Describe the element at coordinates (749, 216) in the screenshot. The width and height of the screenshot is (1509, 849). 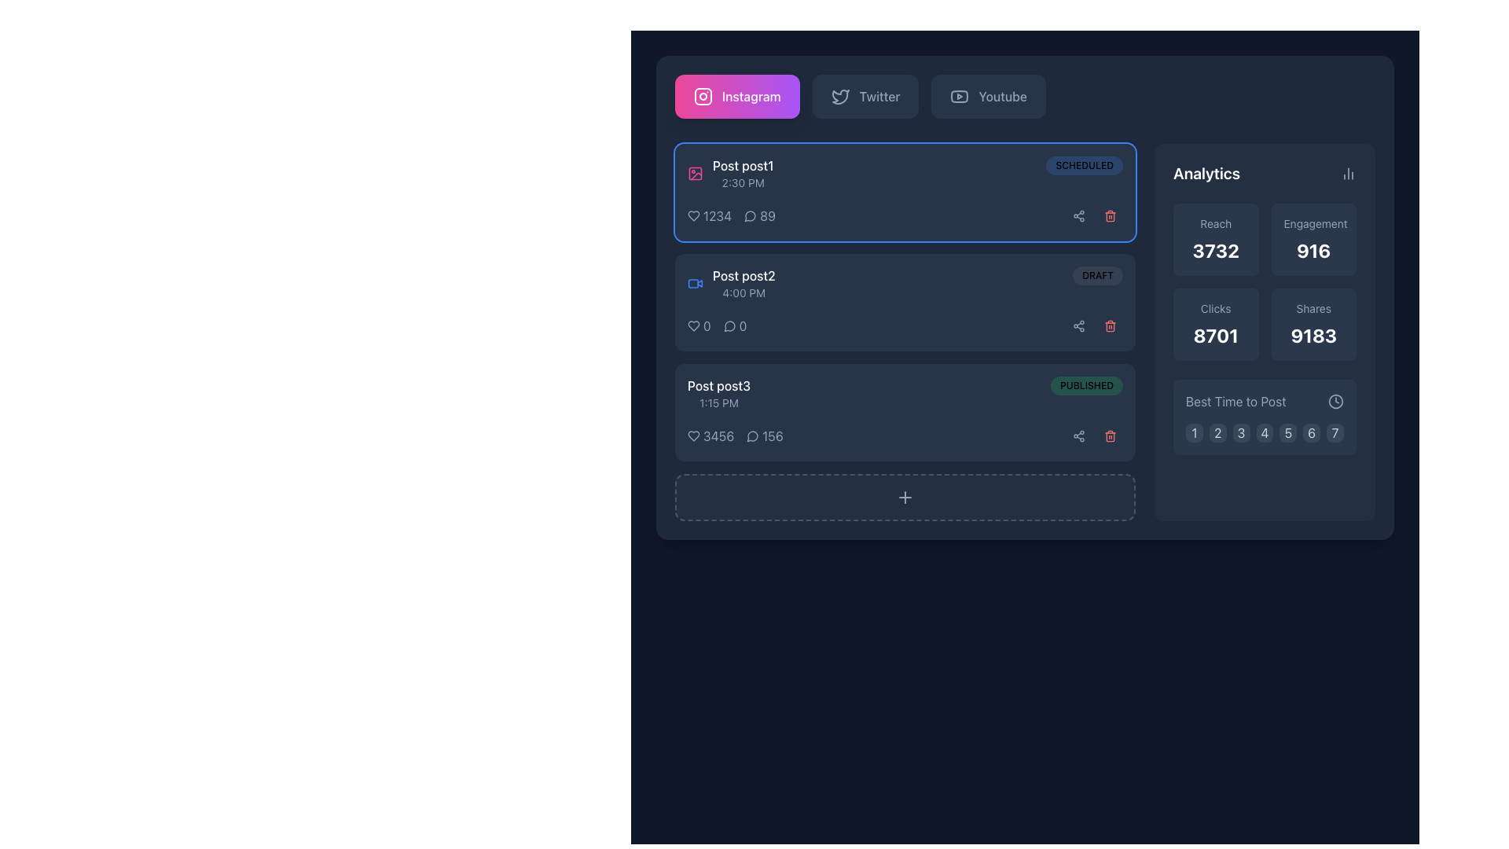
I see `the speech bubble icon representing comments or discussions located near the 'Post post1' section under the Instagram tab` at that location.